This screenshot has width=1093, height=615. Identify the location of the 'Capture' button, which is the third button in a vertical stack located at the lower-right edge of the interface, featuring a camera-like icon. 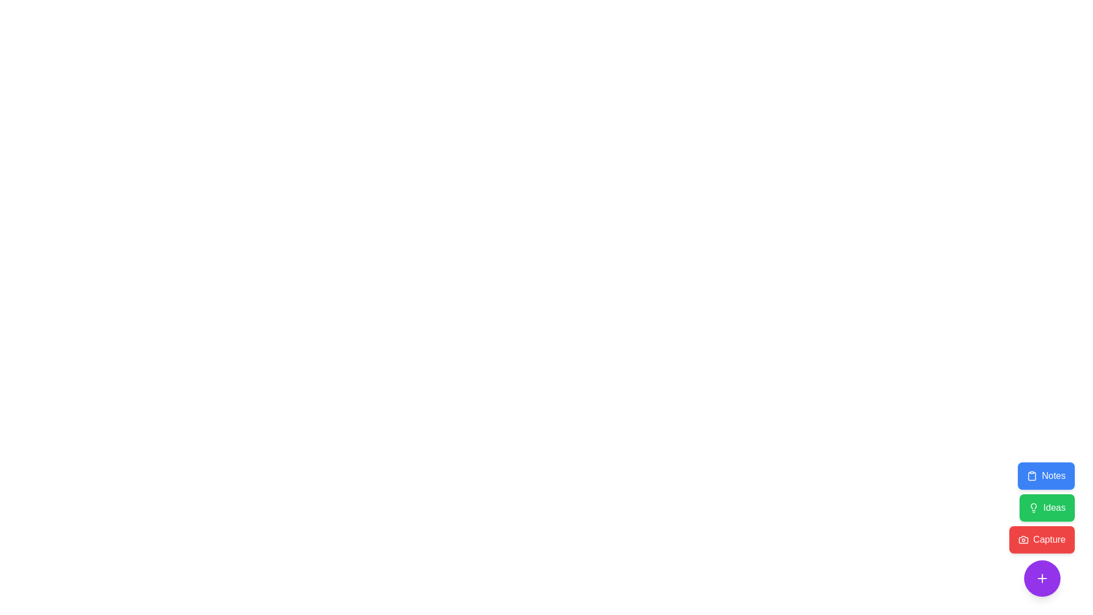
(1024, 539).